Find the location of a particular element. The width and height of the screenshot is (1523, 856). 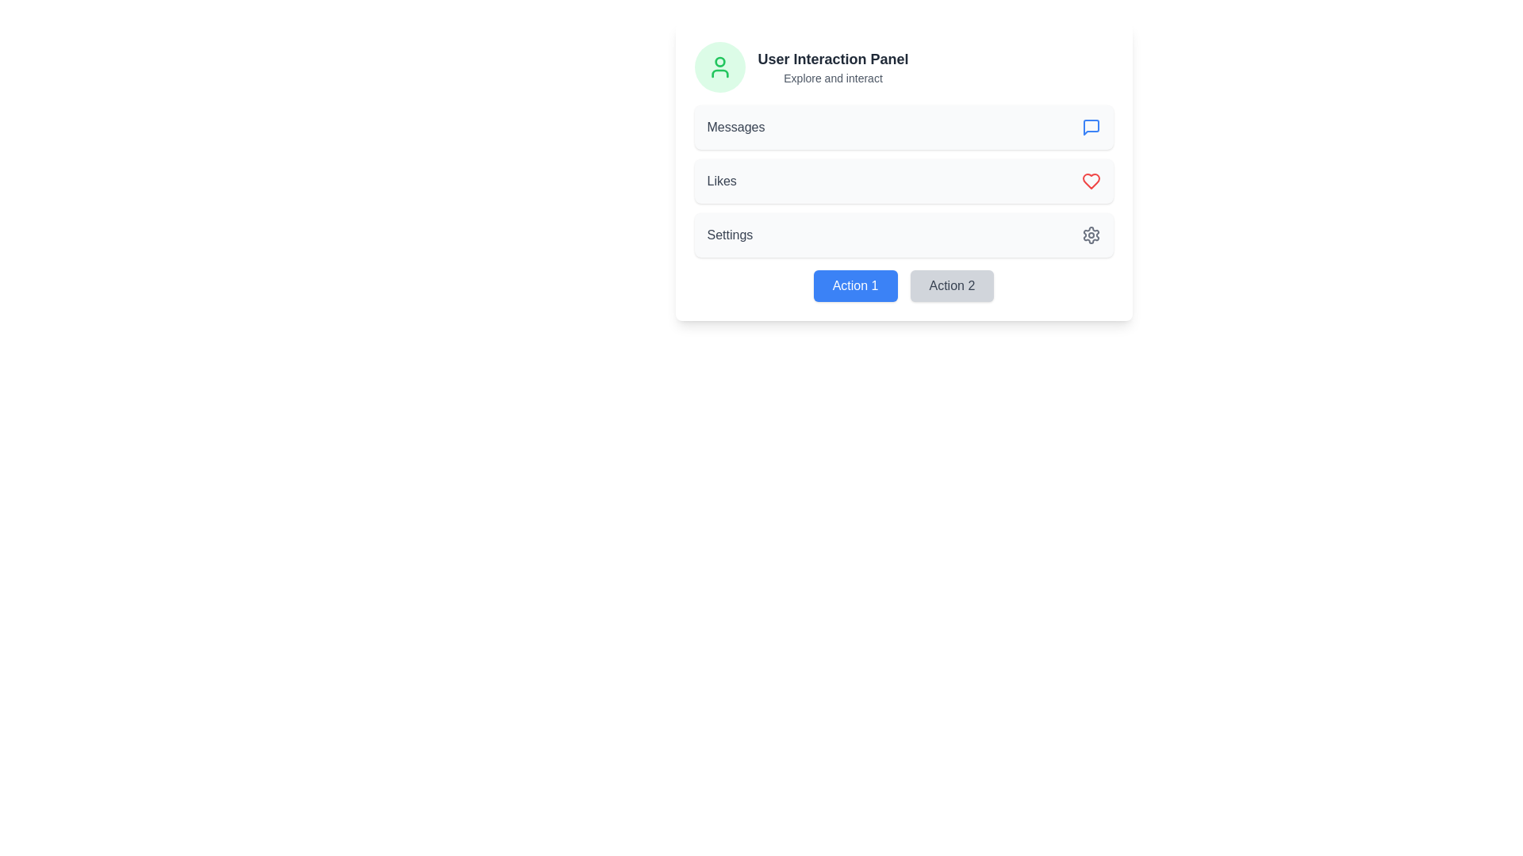

the settings icon button represented by a gray gear located at the far right of the 'Settings' row is located at coordinates (1090, 235).